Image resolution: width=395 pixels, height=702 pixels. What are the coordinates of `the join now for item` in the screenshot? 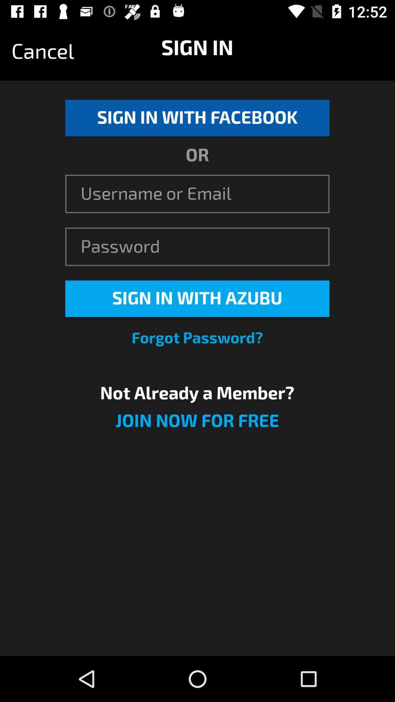 It's located at (197, 425).